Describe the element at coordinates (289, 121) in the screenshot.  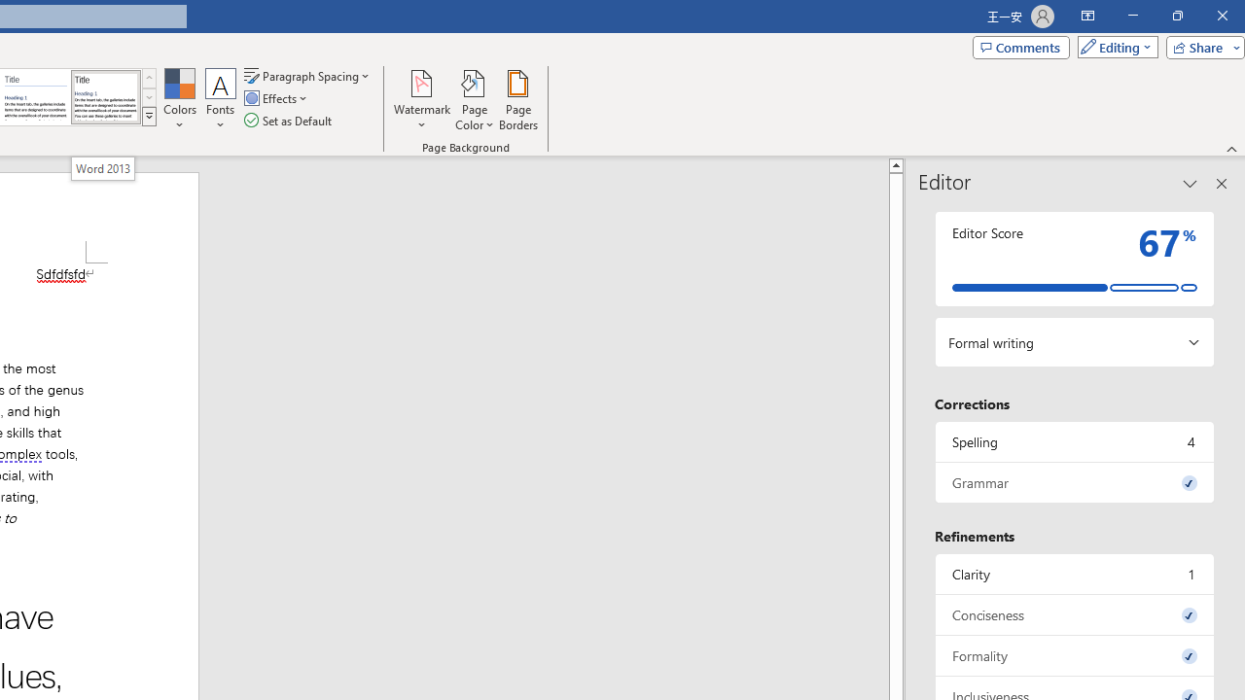
I see `'Set as Default'` at that location.